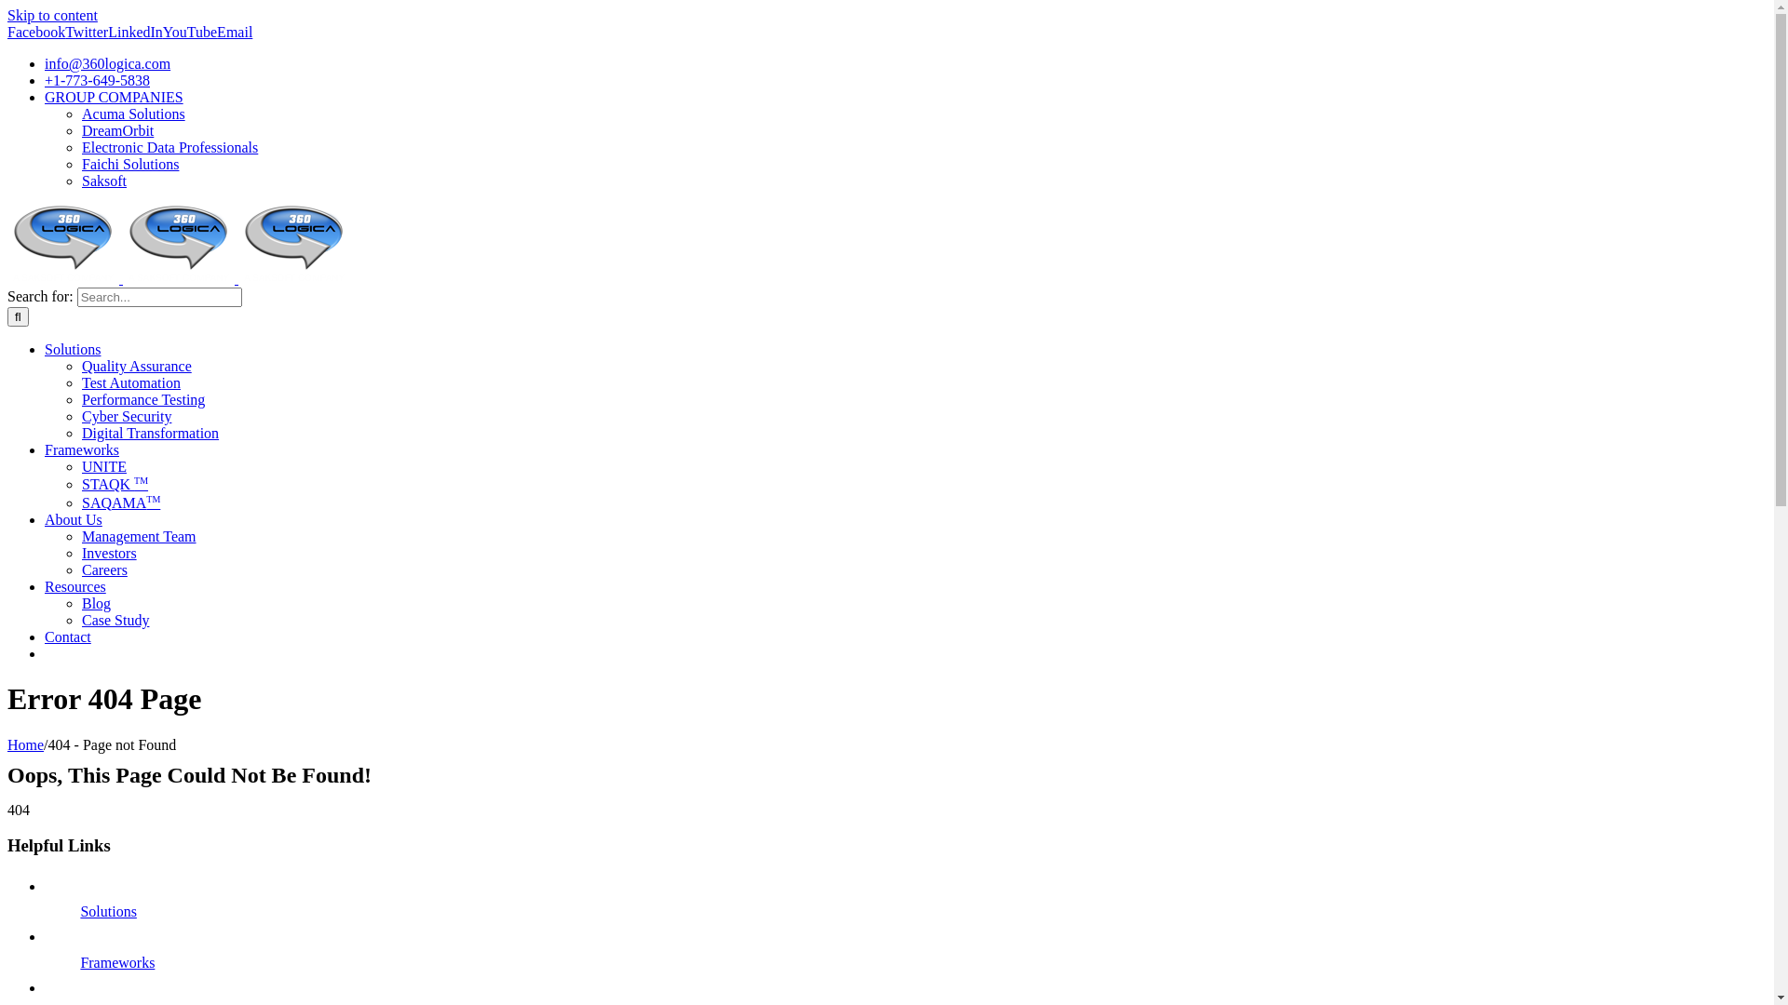 The image size is (1788, 1005). I want to click on 'Email', so click(234, 32).